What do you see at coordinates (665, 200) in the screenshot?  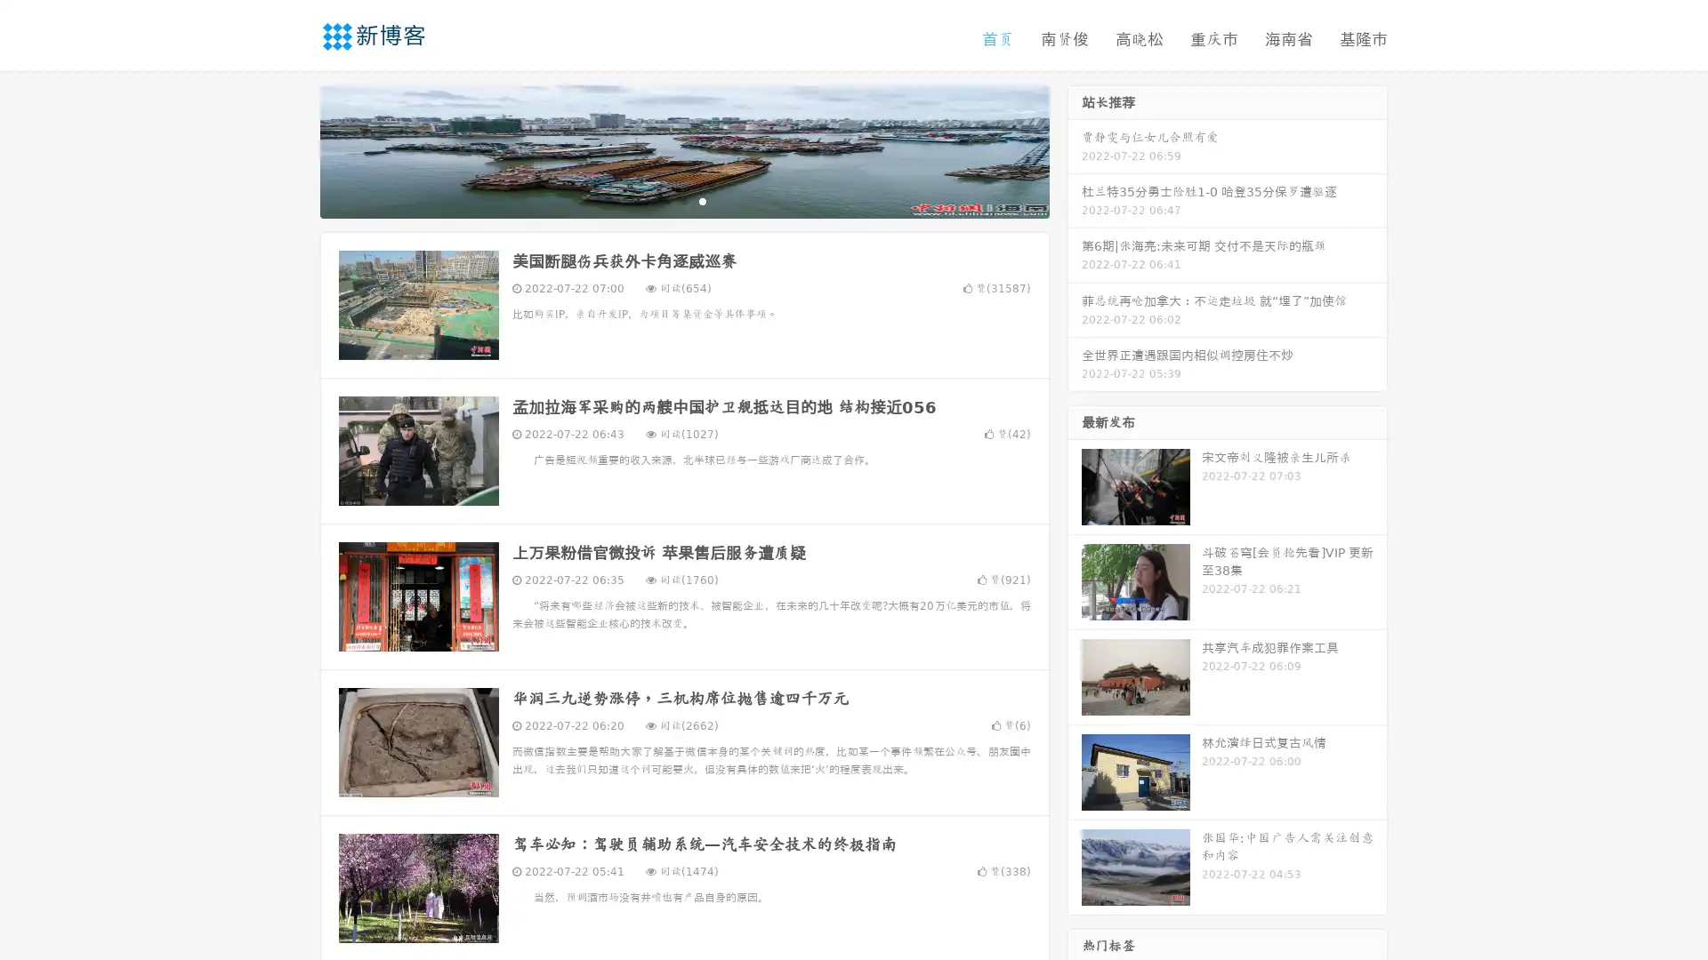 I see `Go to slide 1` at bounding box center [665, 200].